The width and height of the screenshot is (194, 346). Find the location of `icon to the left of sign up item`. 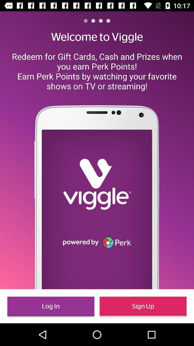

icon to the left of sign up item is located at coordinates (50, 306).